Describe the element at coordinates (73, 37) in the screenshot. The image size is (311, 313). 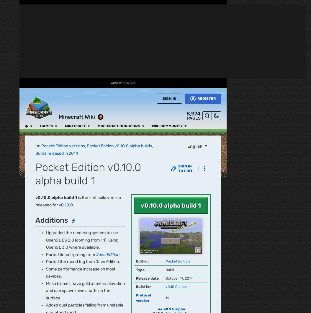
I see `'v0.14.1'` at that location.